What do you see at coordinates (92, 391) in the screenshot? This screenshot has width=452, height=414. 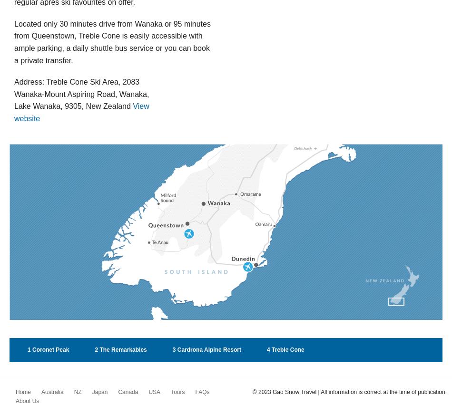 I see `'Japan'` at bounding box center [92, 391].